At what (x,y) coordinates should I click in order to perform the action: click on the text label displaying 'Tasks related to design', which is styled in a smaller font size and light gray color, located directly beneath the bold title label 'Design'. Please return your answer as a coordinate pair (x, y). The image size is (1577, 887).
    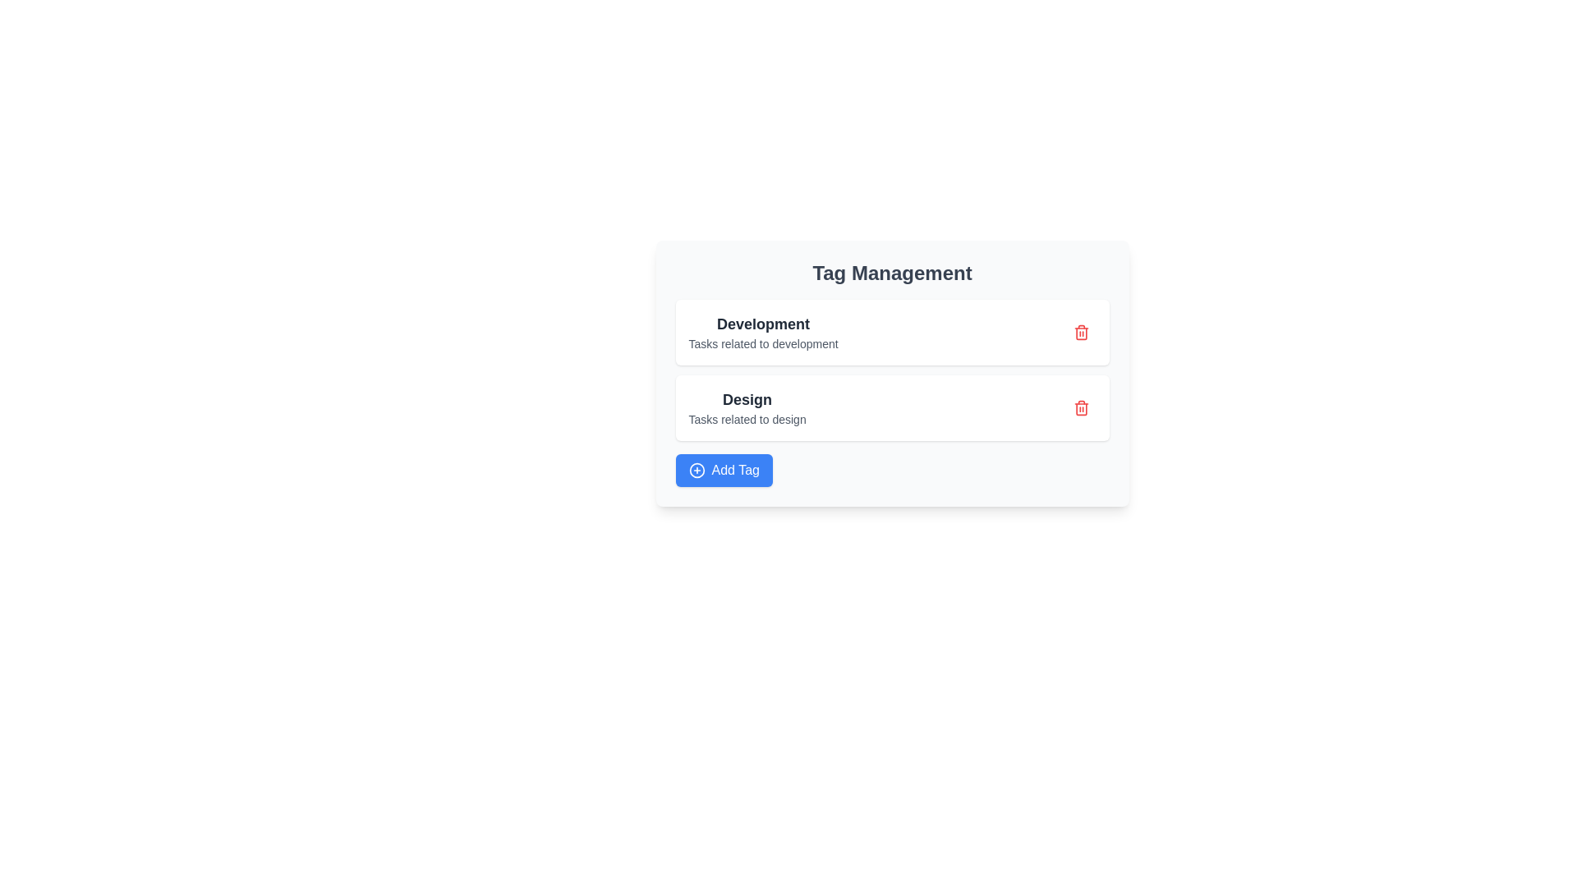
    Looking at the image, I should click on (747, 418).